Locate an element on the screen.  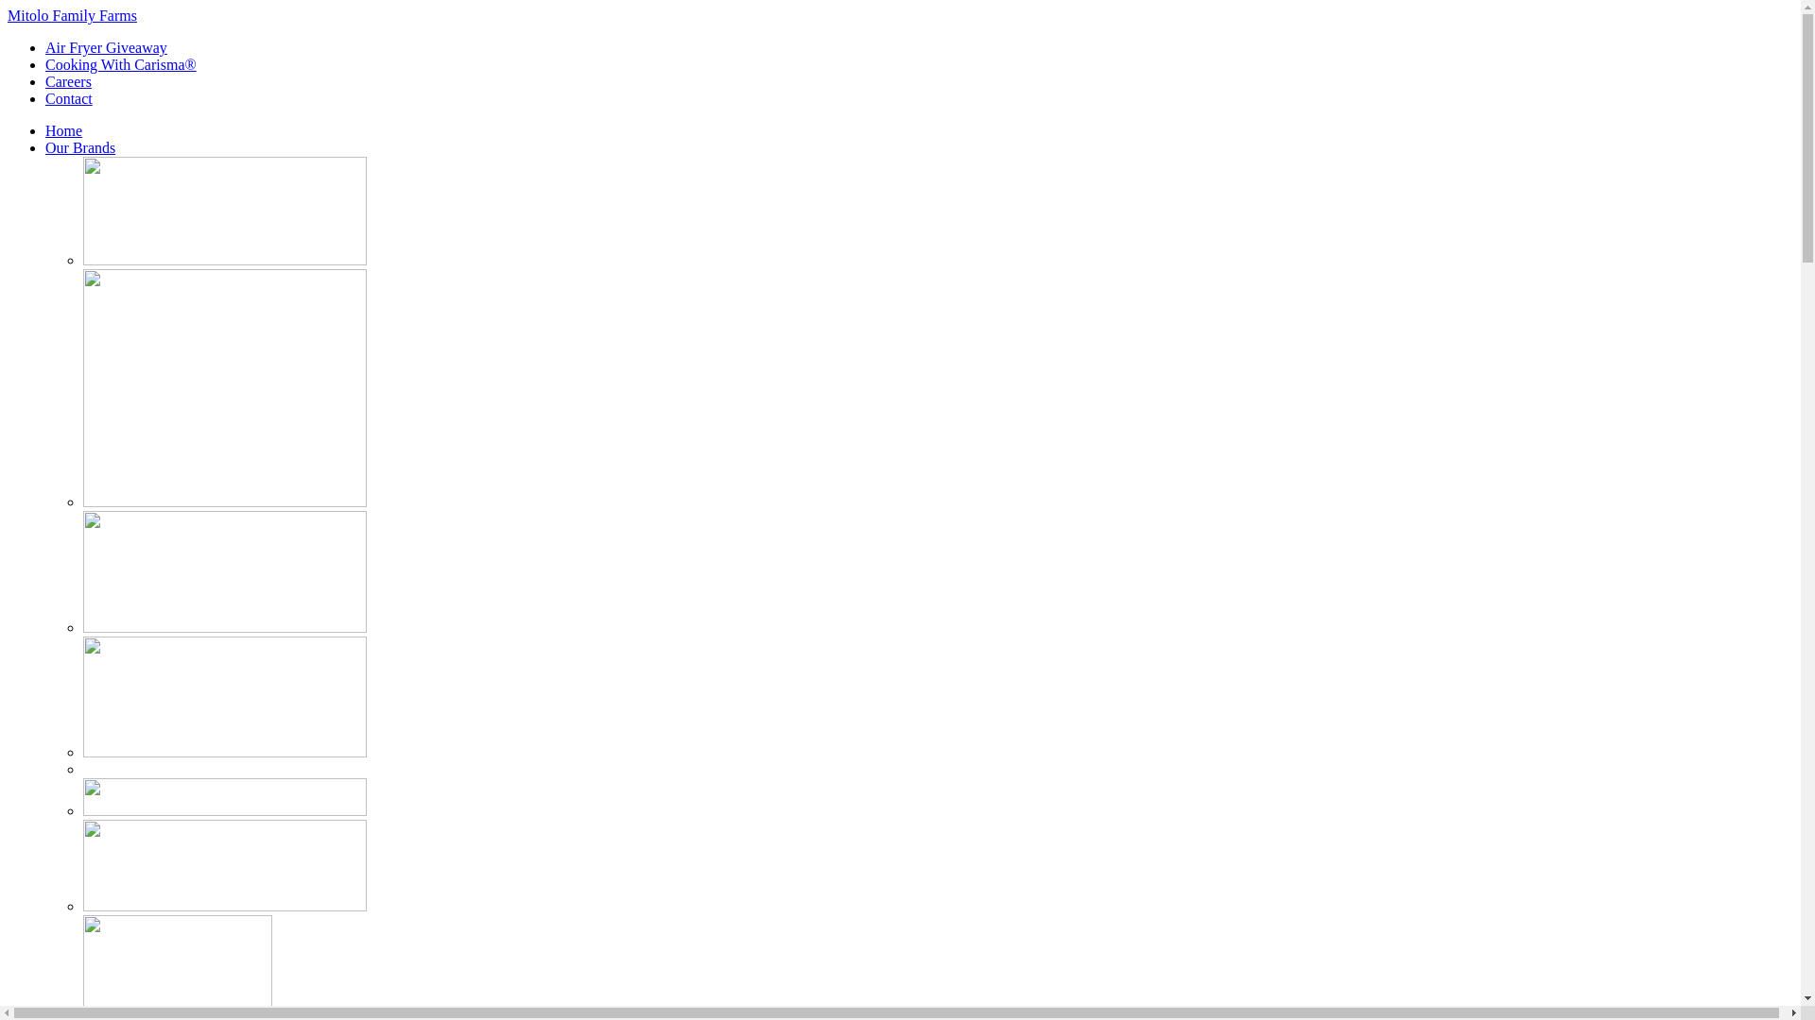
'Air Fryer Giveaway' is located at coordinates (105, 46).